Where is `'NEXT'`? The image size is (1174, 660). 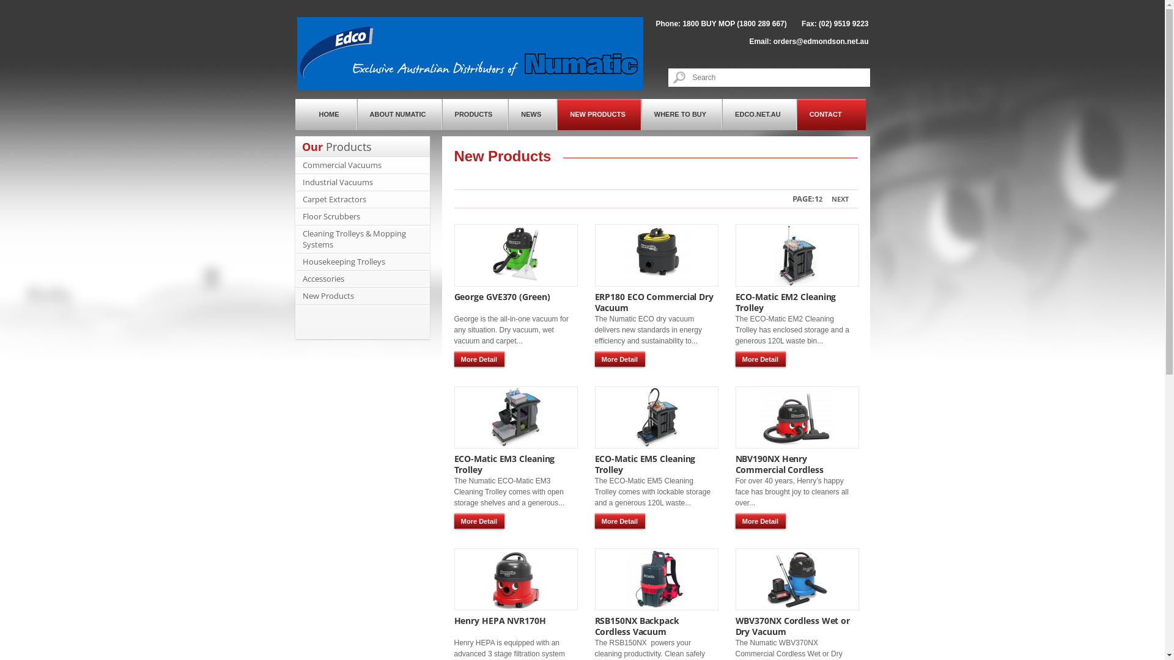 'NEXT' is located at coordinates (839, 198).